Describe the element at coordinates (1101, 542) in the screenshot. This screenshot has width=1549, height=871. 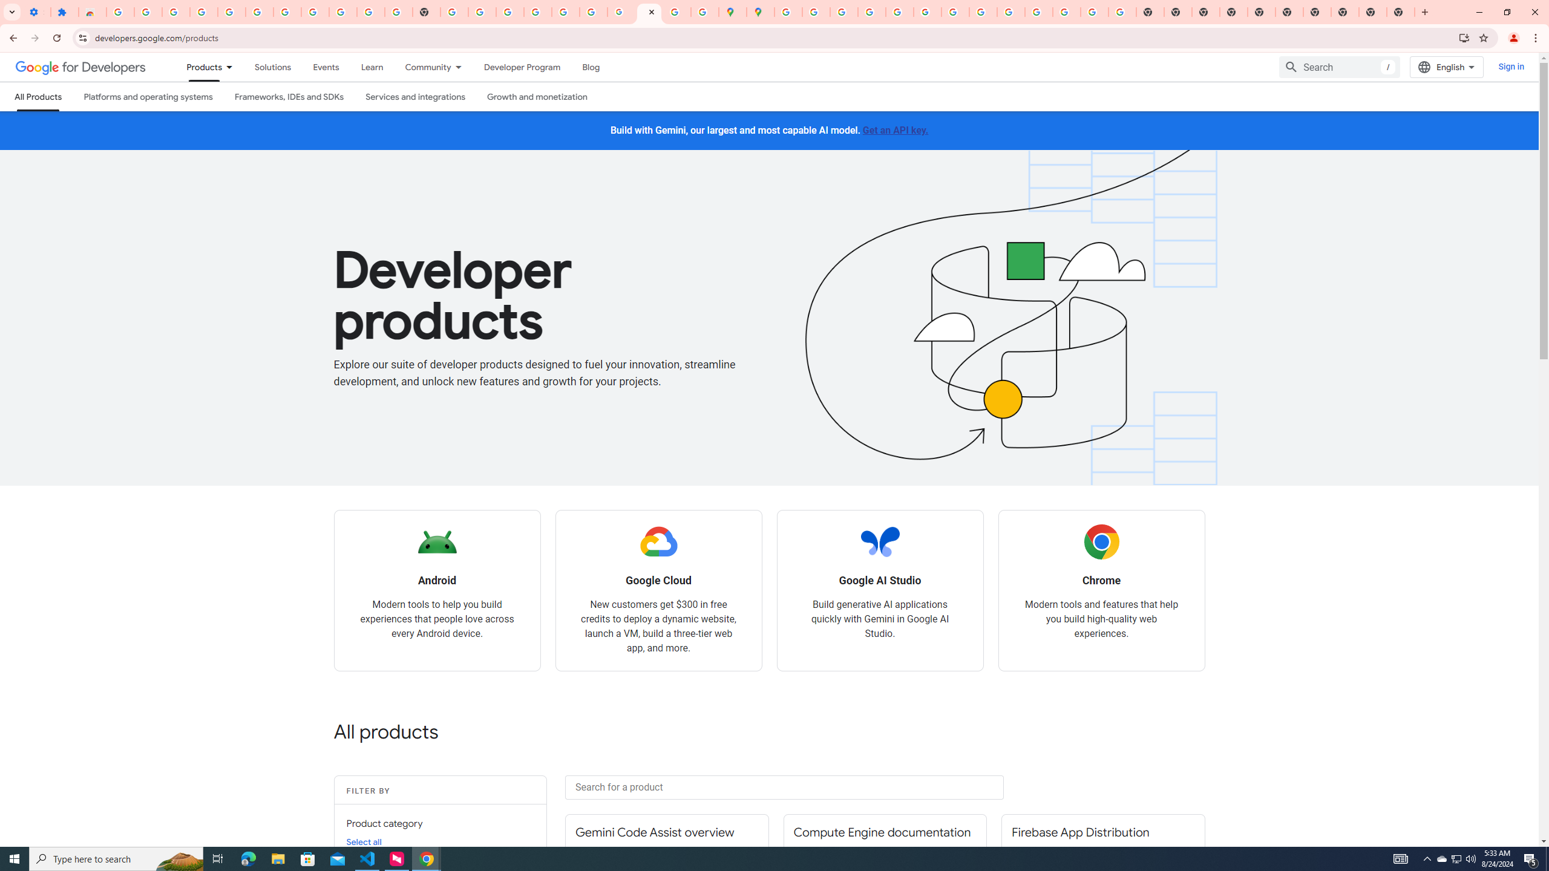
I see `'ChromeOS logo'` at that location.